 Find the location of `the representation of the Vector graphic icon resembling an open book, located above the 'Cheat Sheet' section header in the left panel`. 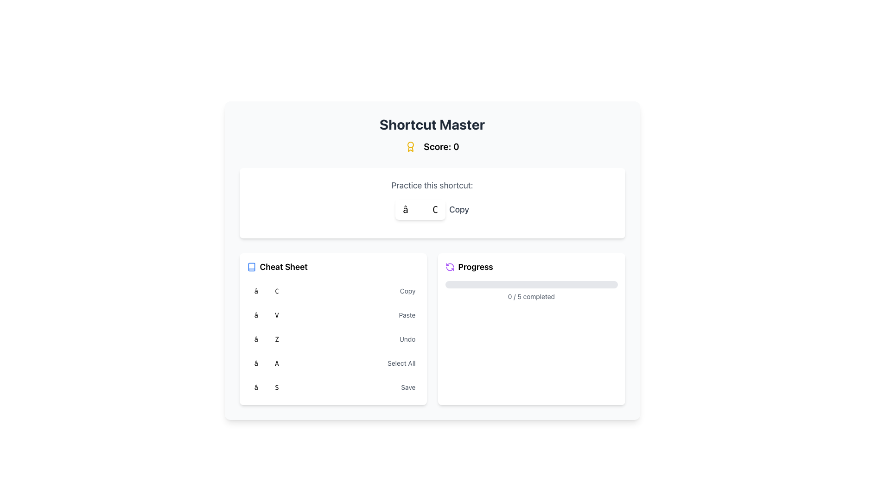

the representation of the Vector graphic icon resembling an open book, located above the 'Cheat Sheet' section header in the left panel is located at coordinates (251, 267).